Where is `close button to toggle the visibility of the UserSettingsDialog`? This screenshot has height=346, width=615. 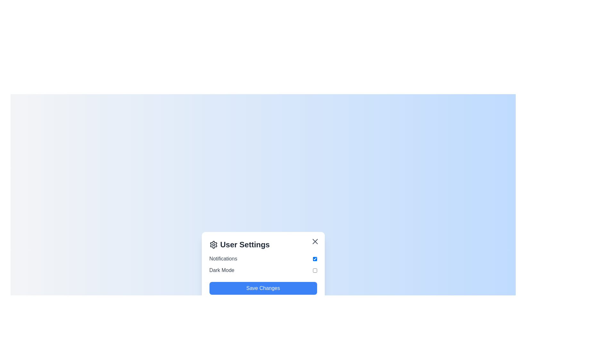 close button to toggle the visibility of the UserSettingsDialog is located at coordinates (315, 241).